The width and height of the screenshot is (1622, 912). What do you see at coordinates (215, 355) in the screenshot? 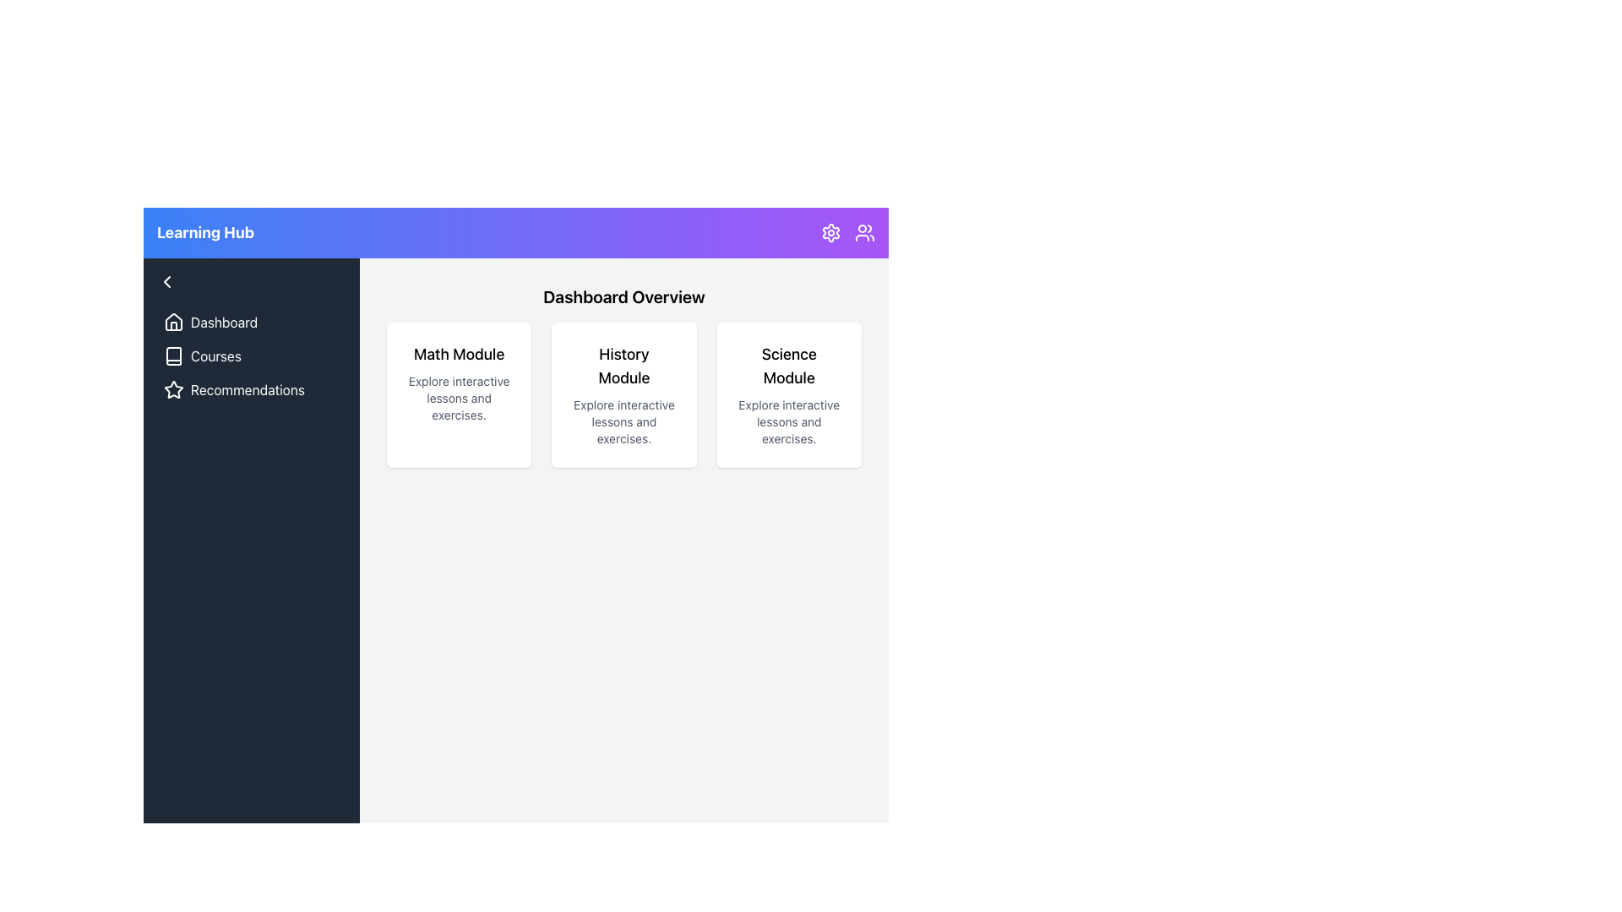
I see `the 'Courses' menu item label located in the sidebar on the left side of the interface, positioned below the 'Dashboard' menu item and to the right of the book icon` at bounding box center [215, 355].